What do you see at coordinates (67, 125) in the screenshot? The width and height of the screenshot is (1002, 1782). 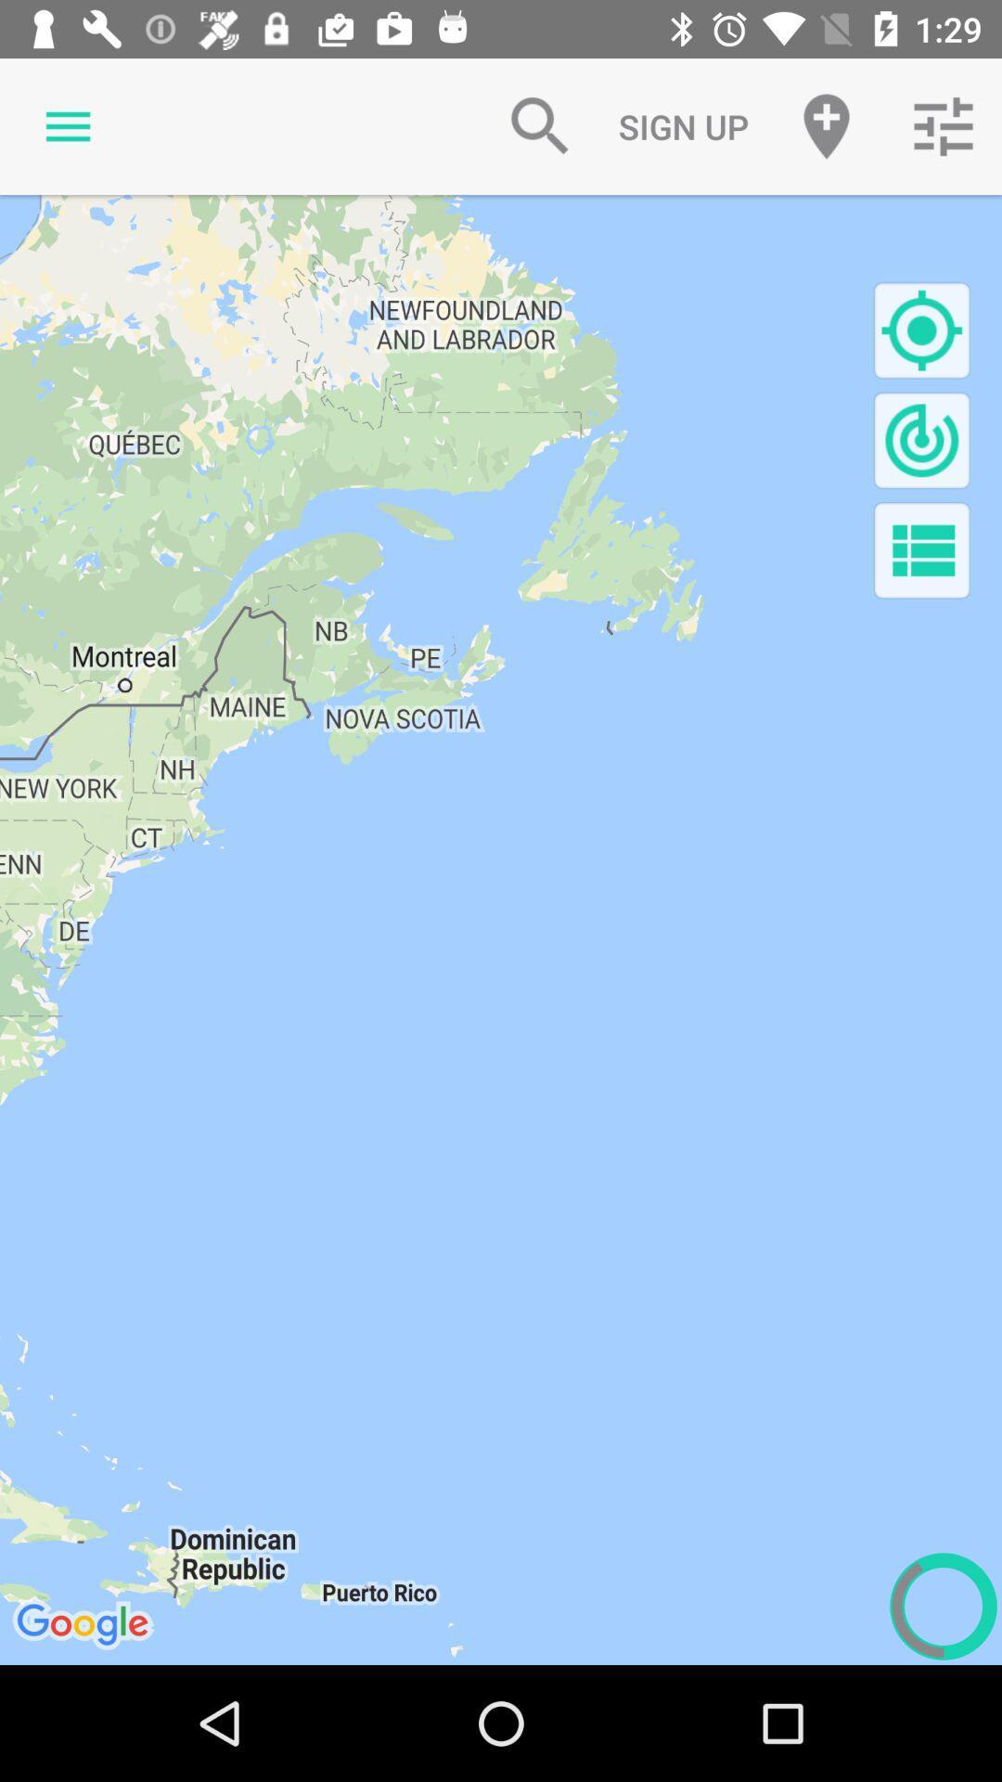 I see `icon at the top left corner` at bounding box center [67, 125].